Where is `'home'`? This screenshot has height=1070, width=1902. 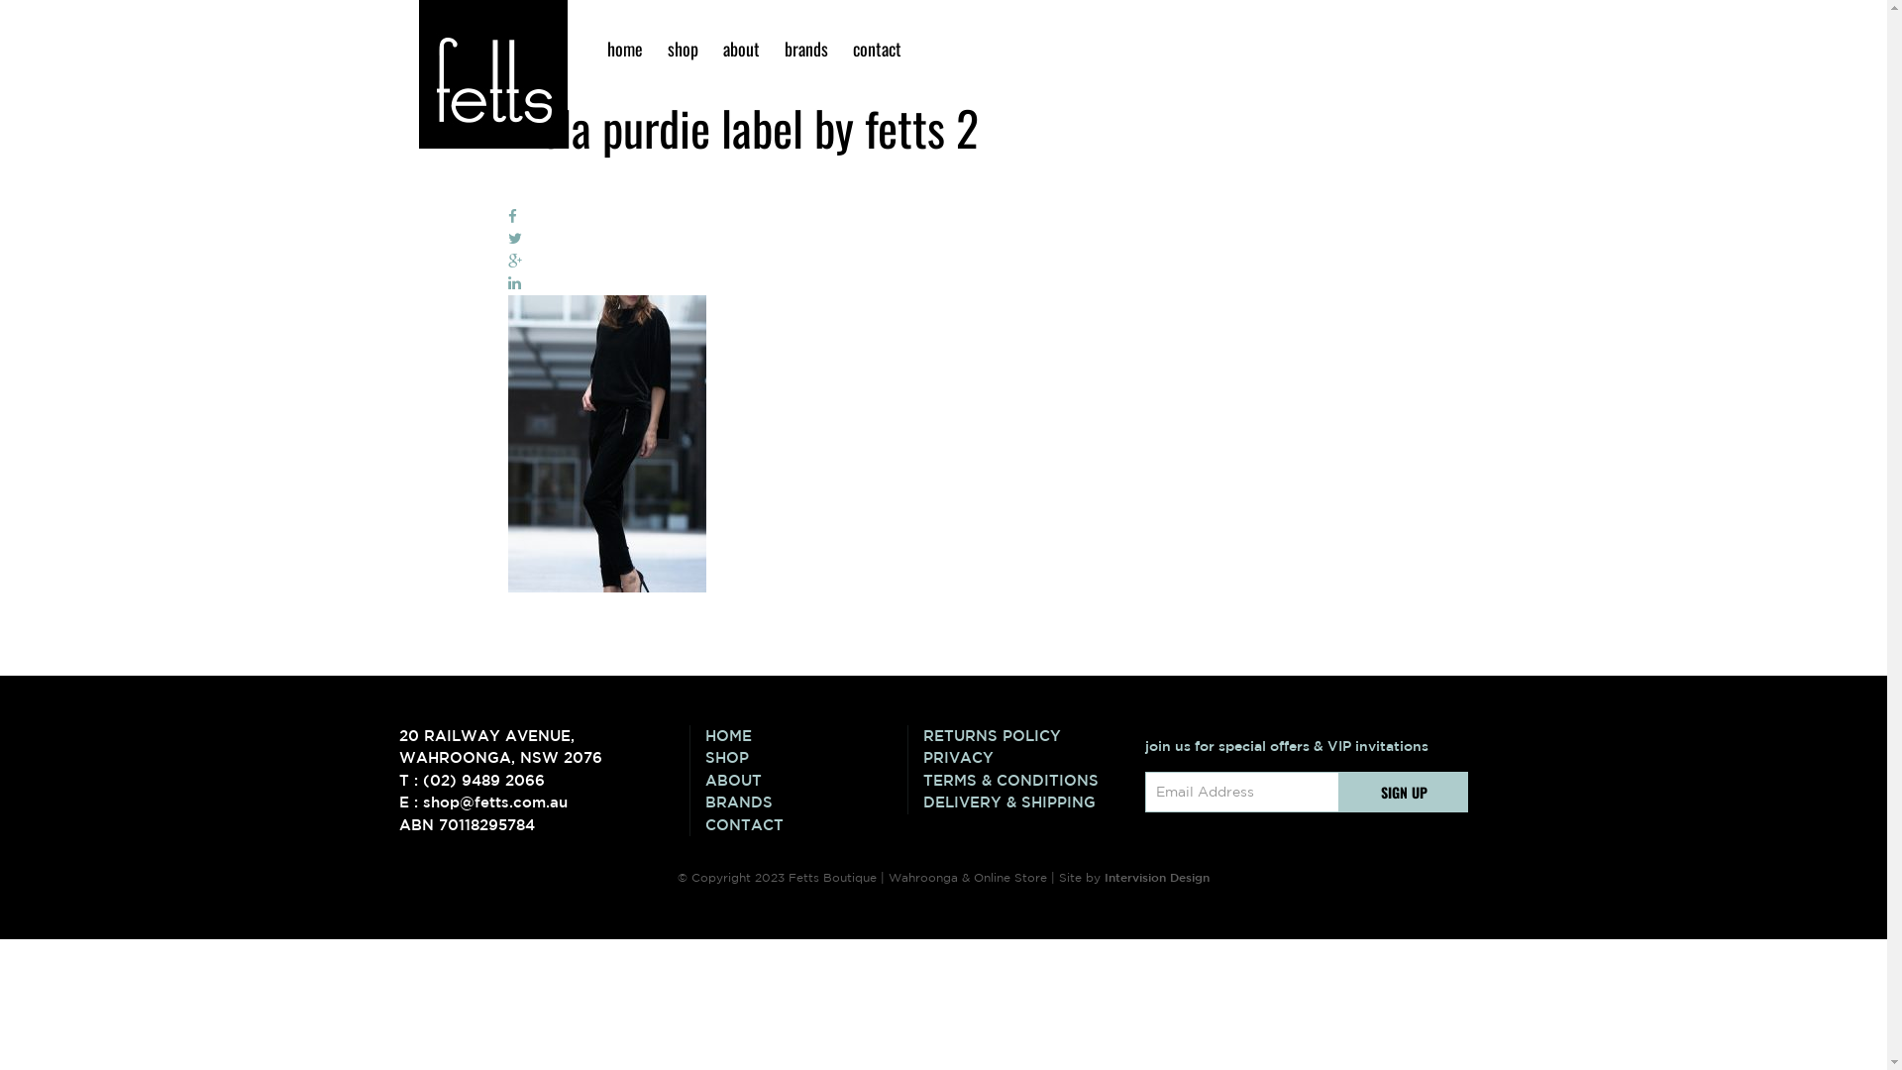
'home' is located at coordinates (622, 48).